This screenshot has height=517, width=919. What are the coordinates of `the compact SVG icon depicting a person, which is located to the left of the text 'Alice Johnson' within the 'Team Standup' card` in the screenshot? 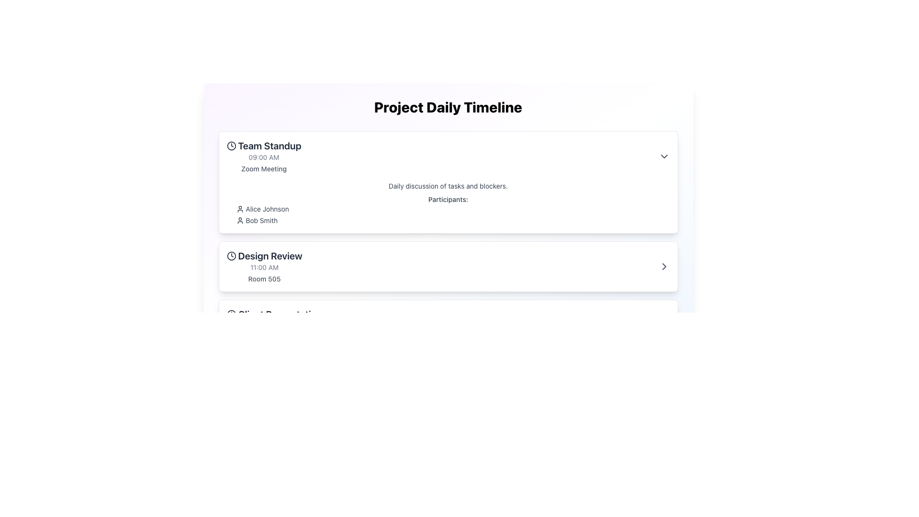 It's located at (240, 208).